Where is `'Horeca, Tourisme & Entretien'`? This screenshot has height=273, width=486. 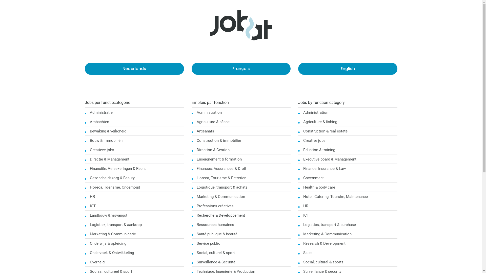 'Horeca, Tourisme & Entretien' is located at coordinates (221, 178).